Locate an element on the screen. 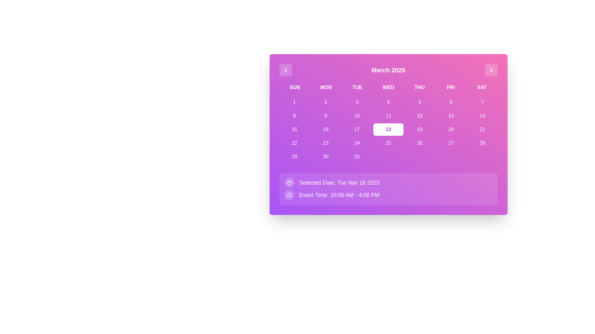 The image size is (595, 334). the button displaying the number '1' is located at coordinates (294, 102).